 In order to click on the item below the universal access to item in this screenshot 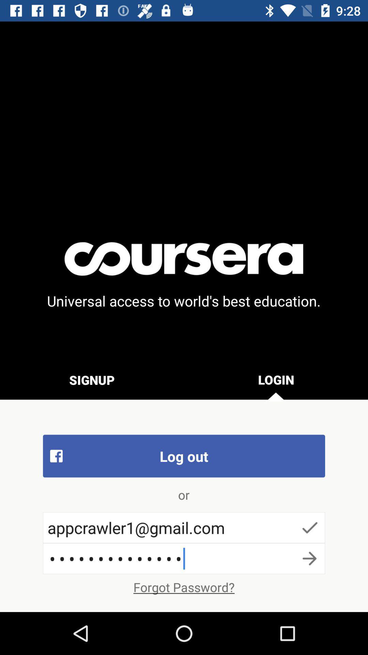, I will do `click(92, 379)`.